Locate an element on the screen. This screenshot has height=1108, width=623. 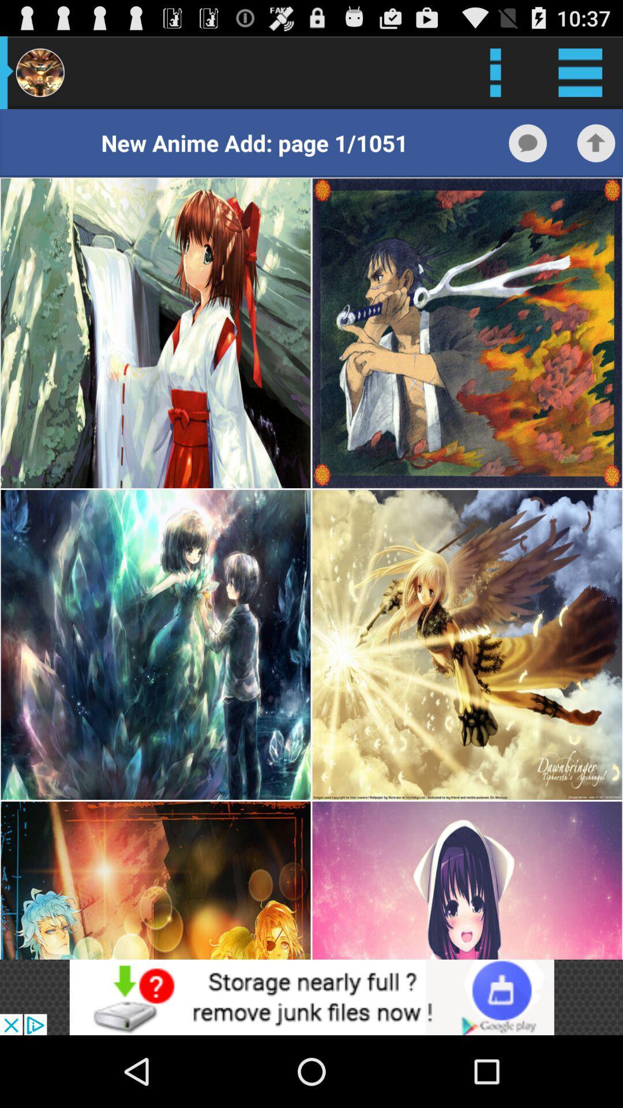
open webpage of displayed advertisement is located at coordinates (311, 997).